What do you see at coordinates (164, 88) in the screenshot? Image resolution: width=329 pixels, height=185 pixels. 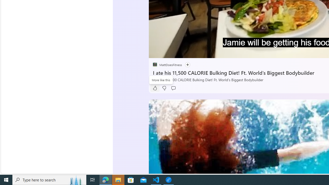 I see `'Dislike'` at bounding box center [164, 88].